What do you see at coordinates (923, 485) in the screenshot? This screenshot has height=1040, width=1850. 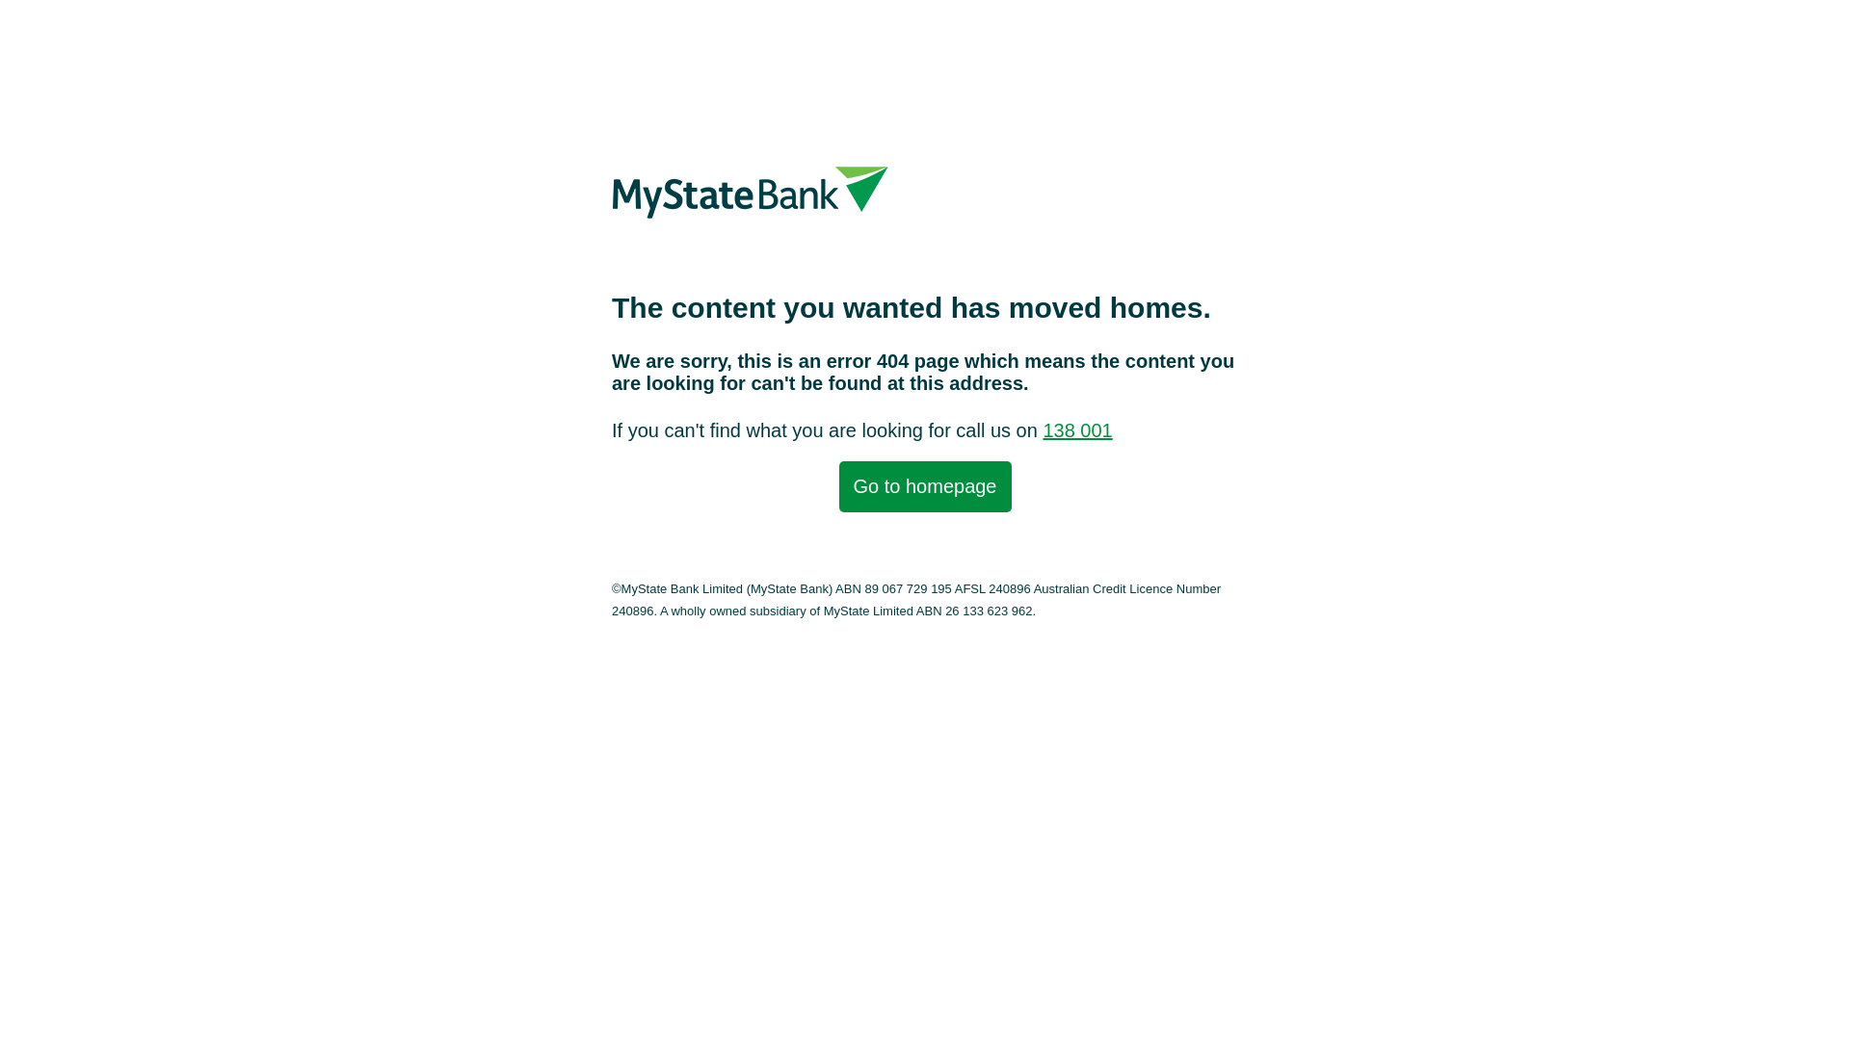 I see `'Go to homepage'` at bounding box center [923, 485].